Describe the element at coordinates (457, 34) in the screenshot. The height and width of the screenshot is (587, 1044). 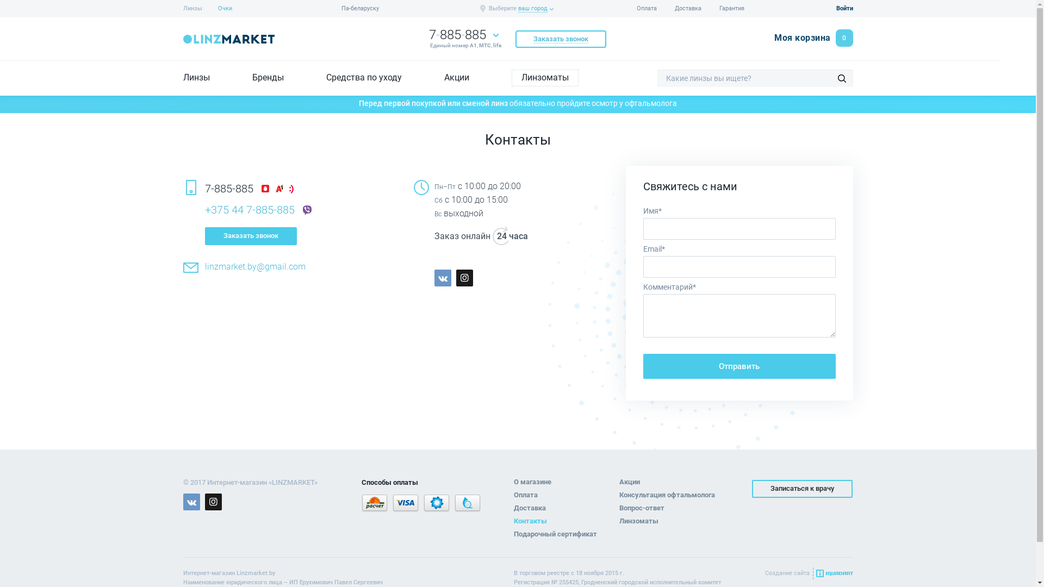
I see `'7-885-885'` at that location.